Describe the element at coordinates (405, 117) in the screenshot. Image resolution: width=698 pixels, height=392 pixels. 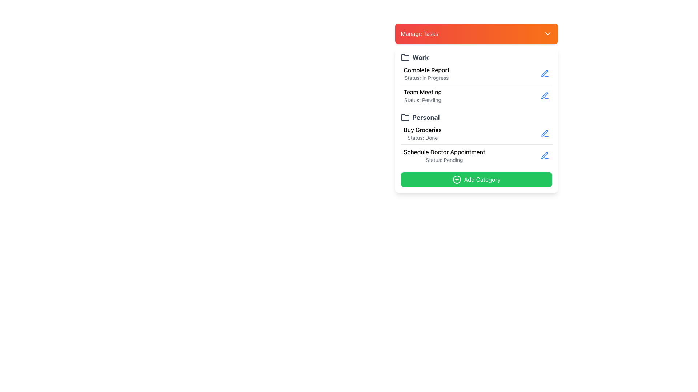
I see `the folder icon located to the left of the bold text 'Personal' in the 'Manage Tasks' panel` at that location.